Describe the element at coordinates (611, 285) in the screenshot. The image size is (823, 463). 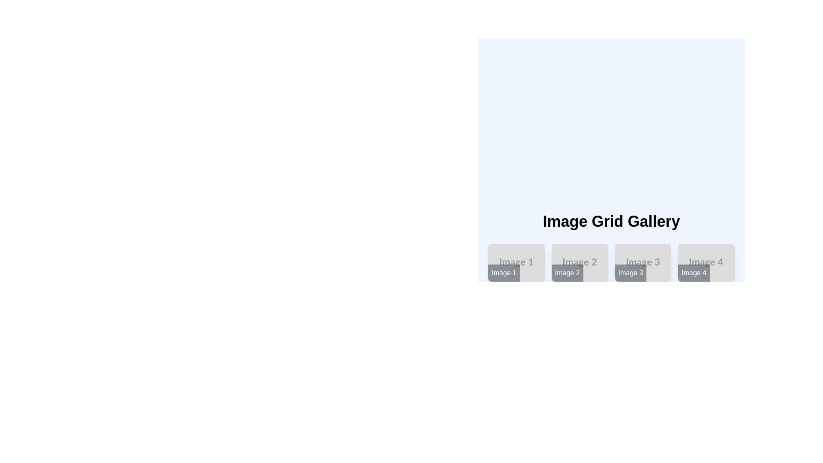
I see `one of the image tiles in the Image Grid Gallery` at that location.